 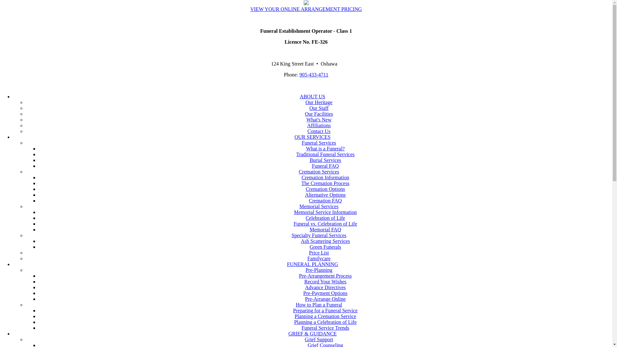 I want to click on 'Memorial Service Information', so click(x=294, y=212).